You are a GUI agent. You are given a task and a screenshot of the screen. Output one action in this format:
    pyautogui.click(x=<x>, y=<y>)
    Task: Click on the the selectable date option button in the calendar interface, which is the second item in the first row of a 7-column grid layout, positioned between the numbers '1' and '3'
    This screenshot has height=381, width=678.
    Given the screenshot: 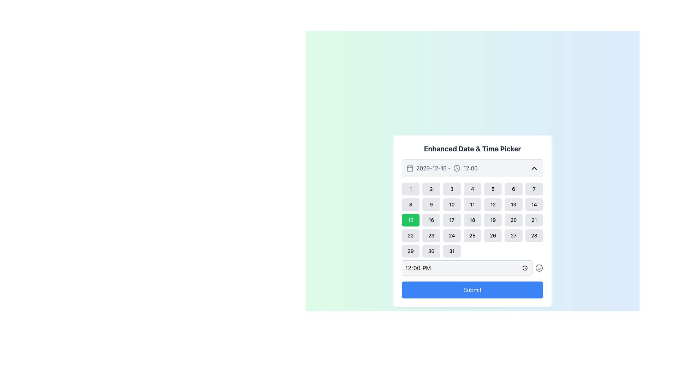 What is the action you would take?
    pyautogui.click(x=431, y=189)
    